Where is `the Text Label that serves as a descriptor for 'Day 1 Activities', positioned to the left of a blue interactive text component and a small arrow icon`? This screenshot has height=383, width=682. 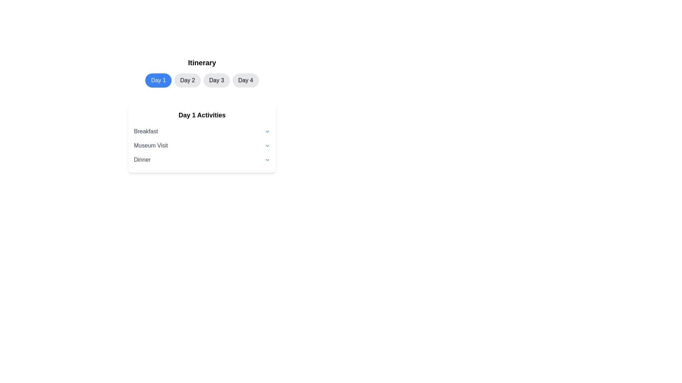
the Text Label that serves as a descriptor for 'Day 1 Activities', positioned to the left of a blue interactive text component and a small arrow icon is located at coordinates (145, 131).